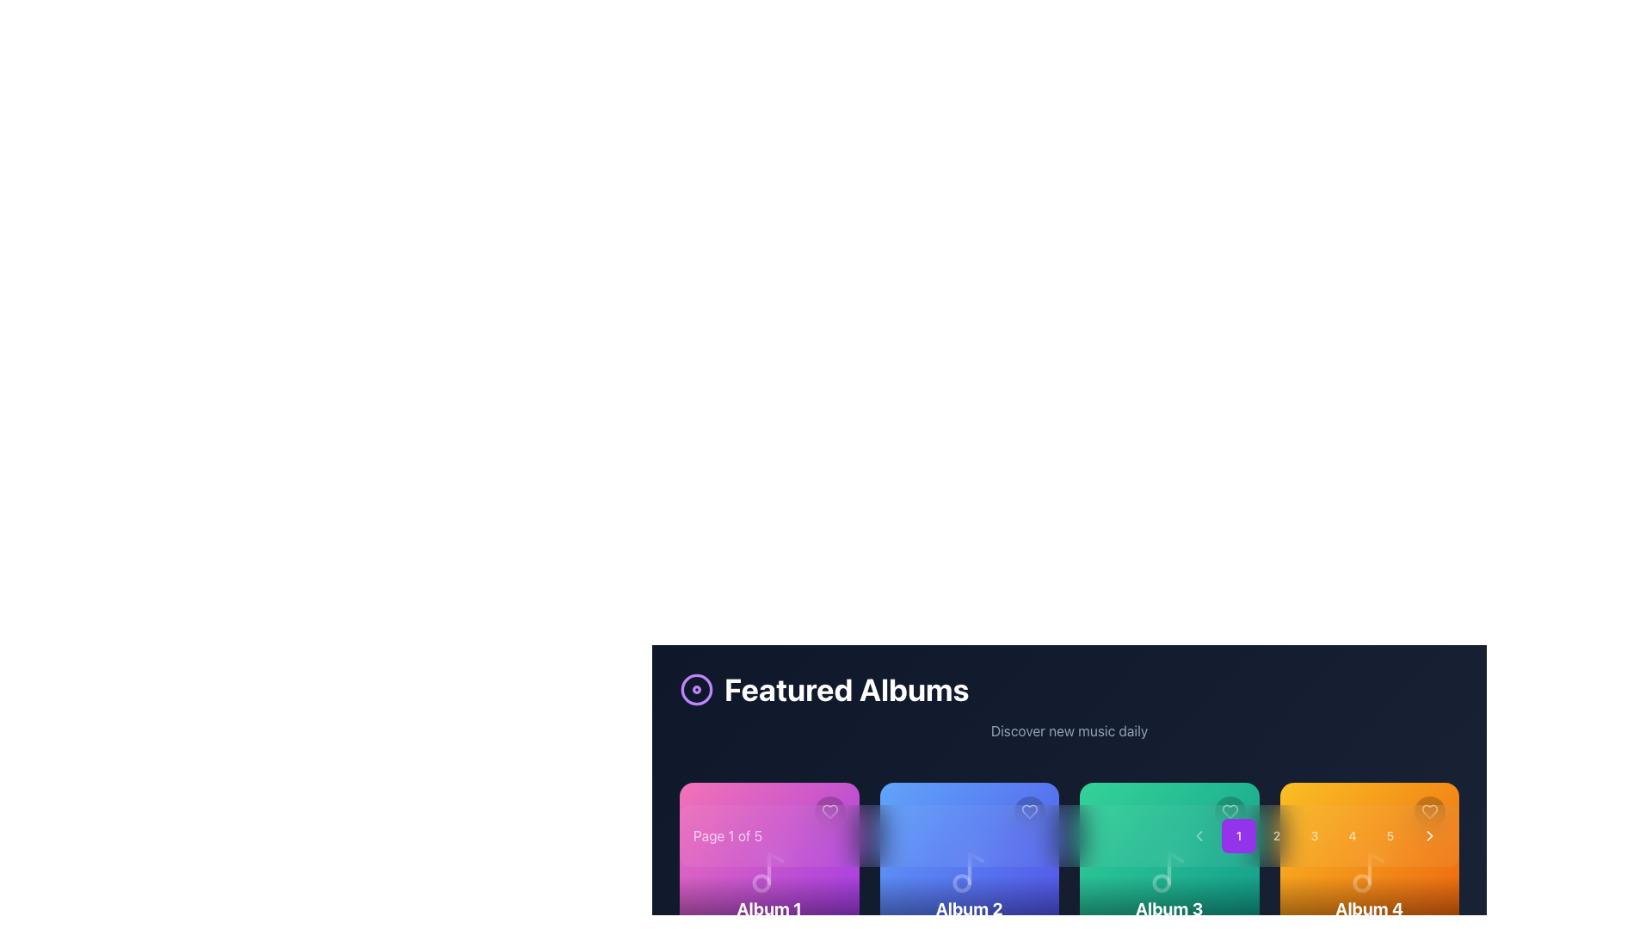 This screenshot has width=1652, height=929. I want to click on the animation of the circular icon with concentric circles, which is located to the left of the 'Featured Albums' title bar, so click(697, 689).